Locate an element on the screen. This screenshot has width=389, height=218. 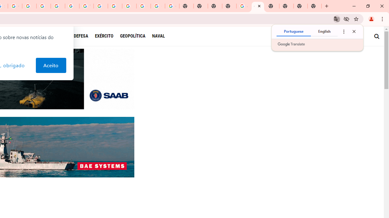
'New Tab' is located at coordinates (315, 6).